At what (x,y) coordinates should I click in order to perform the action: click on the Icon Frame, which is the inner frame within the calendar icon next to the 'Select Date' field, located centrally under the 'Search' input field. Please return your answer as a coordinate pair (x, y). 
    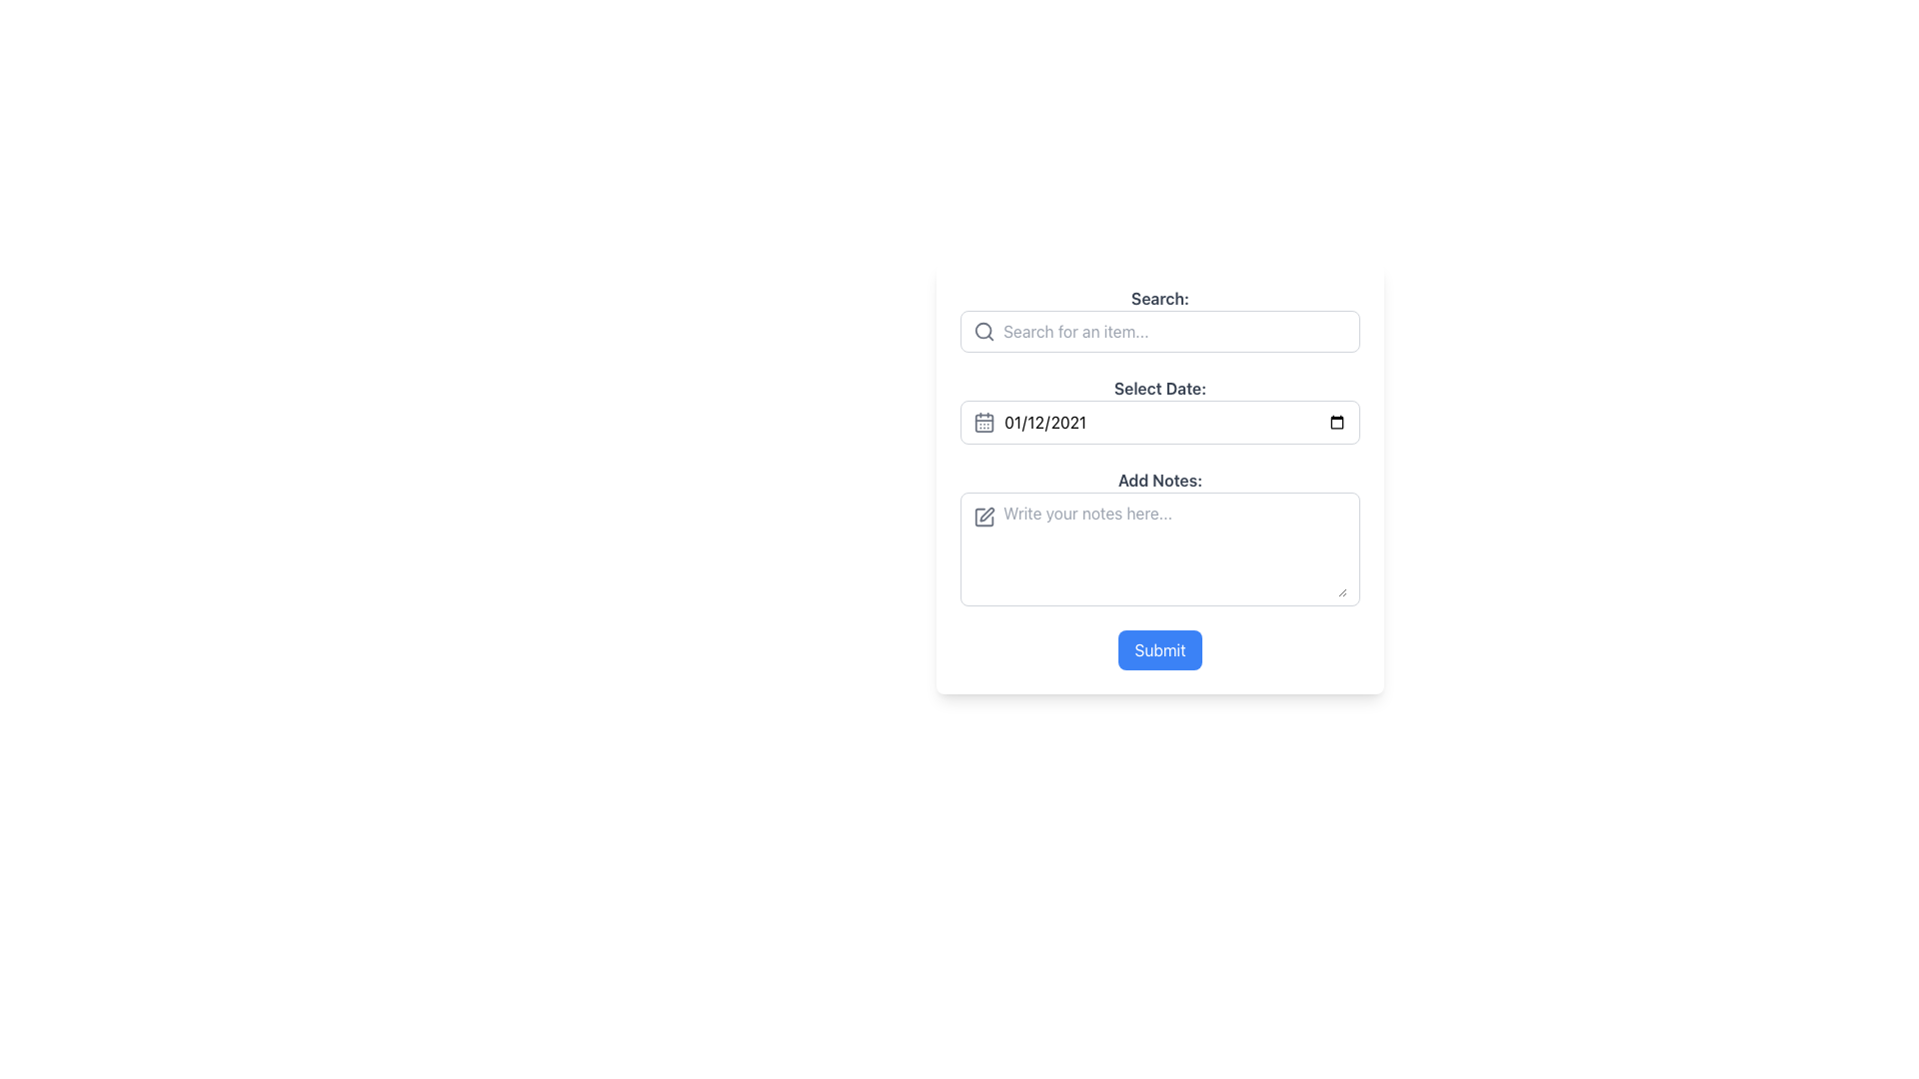
    Looking at the image, I should click on (983, 422).